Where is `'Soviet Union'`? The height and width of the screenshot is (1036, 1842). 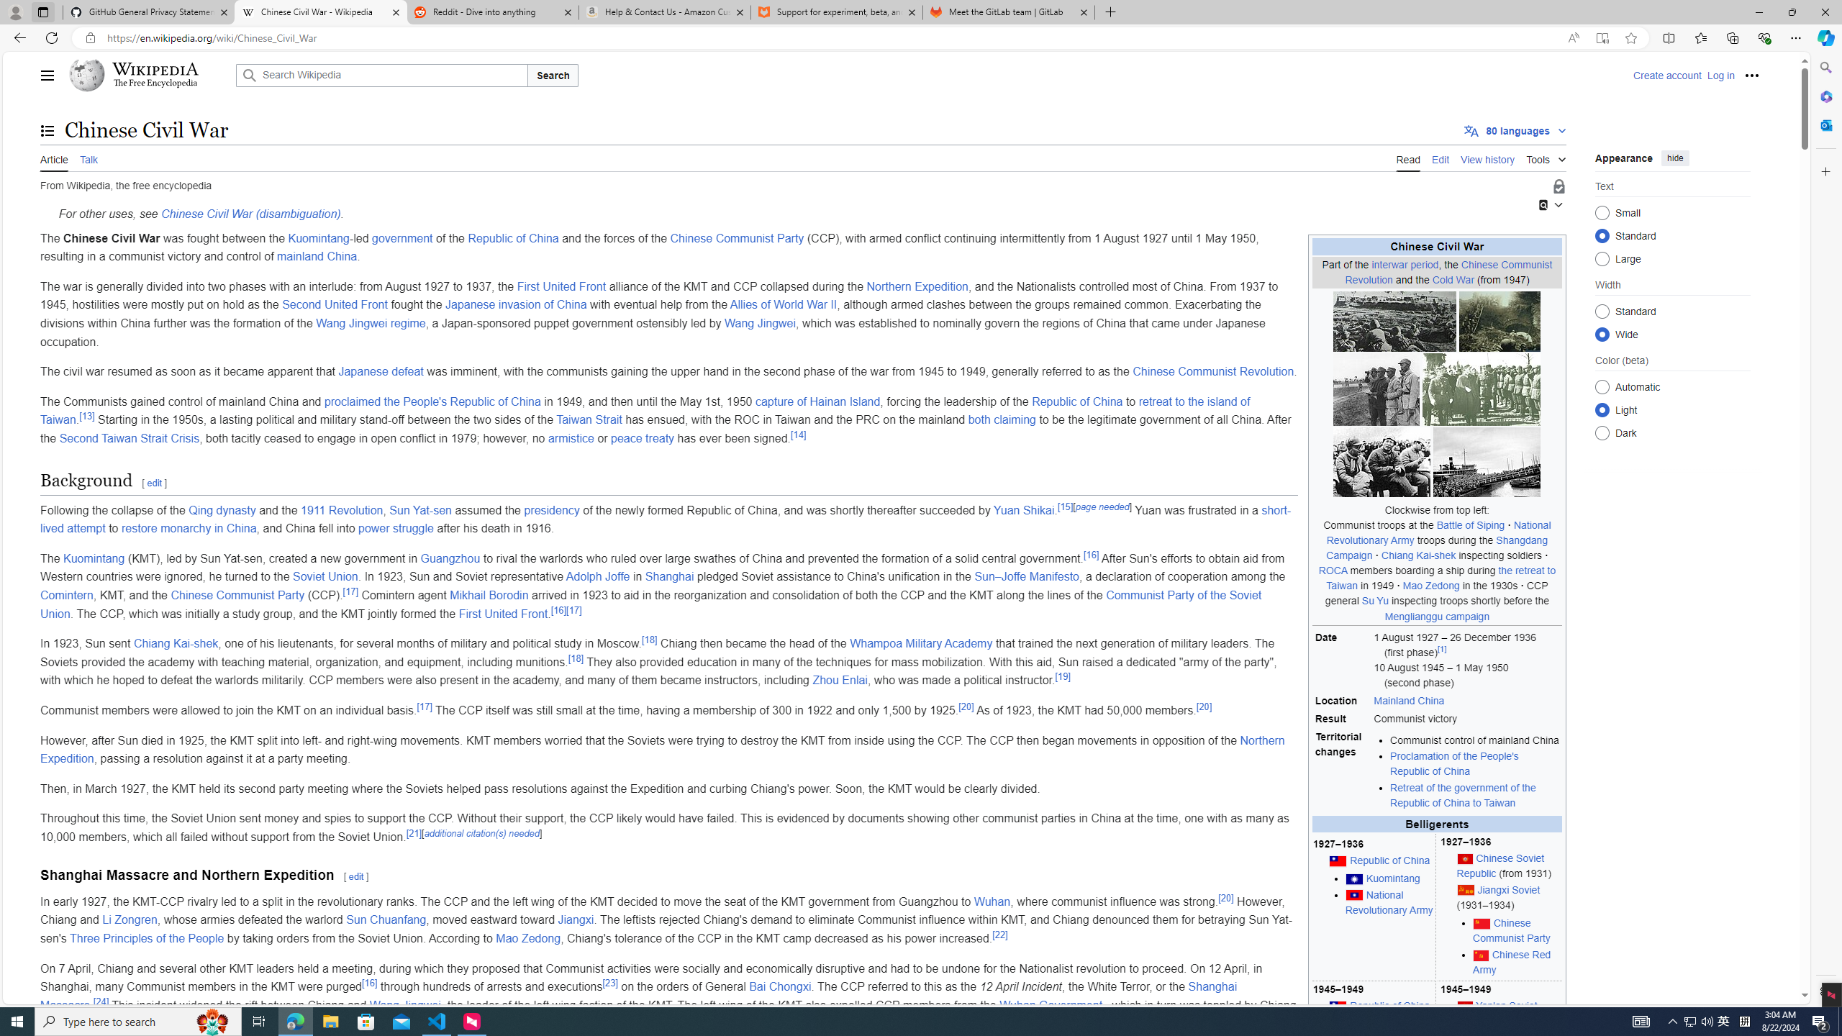
'Soviet Union' is located at coordinates (325, 576).